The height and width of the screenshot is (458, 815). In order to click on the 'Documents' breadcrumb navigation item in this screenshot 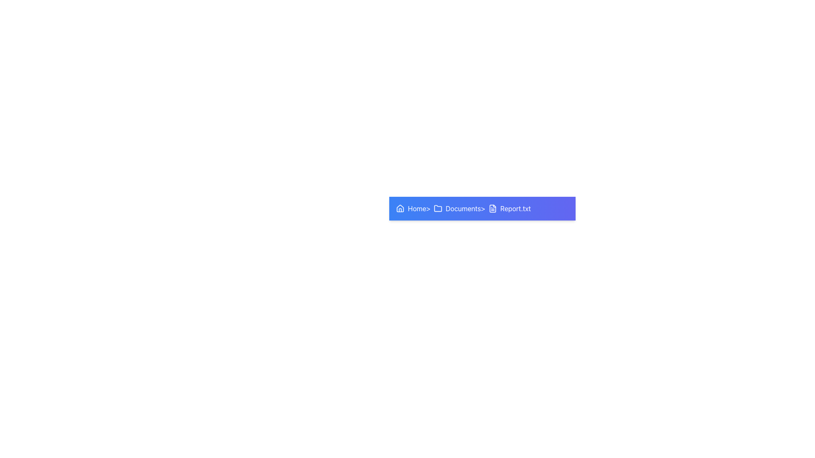, I will do `click(456, 209)`.